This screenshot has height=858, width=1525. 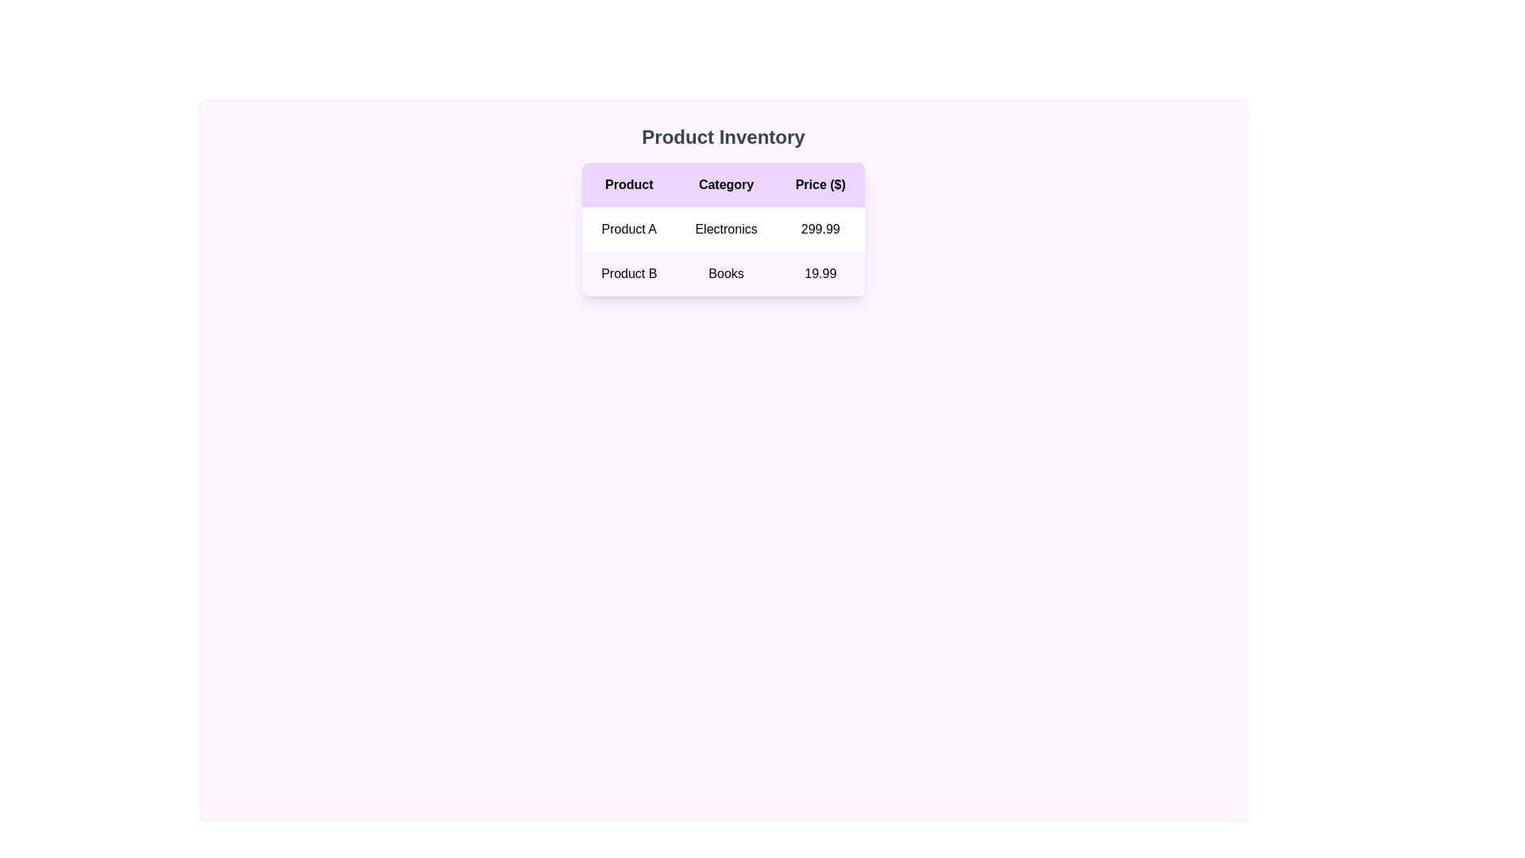 What do you see at coordinates (723, 184) in the screenshot?
I see `text of the 'Category' header cell located in the table under 'Product Inventory', positioned between 'Product' and 'Price ($)'` at bounding box center [723, 184].